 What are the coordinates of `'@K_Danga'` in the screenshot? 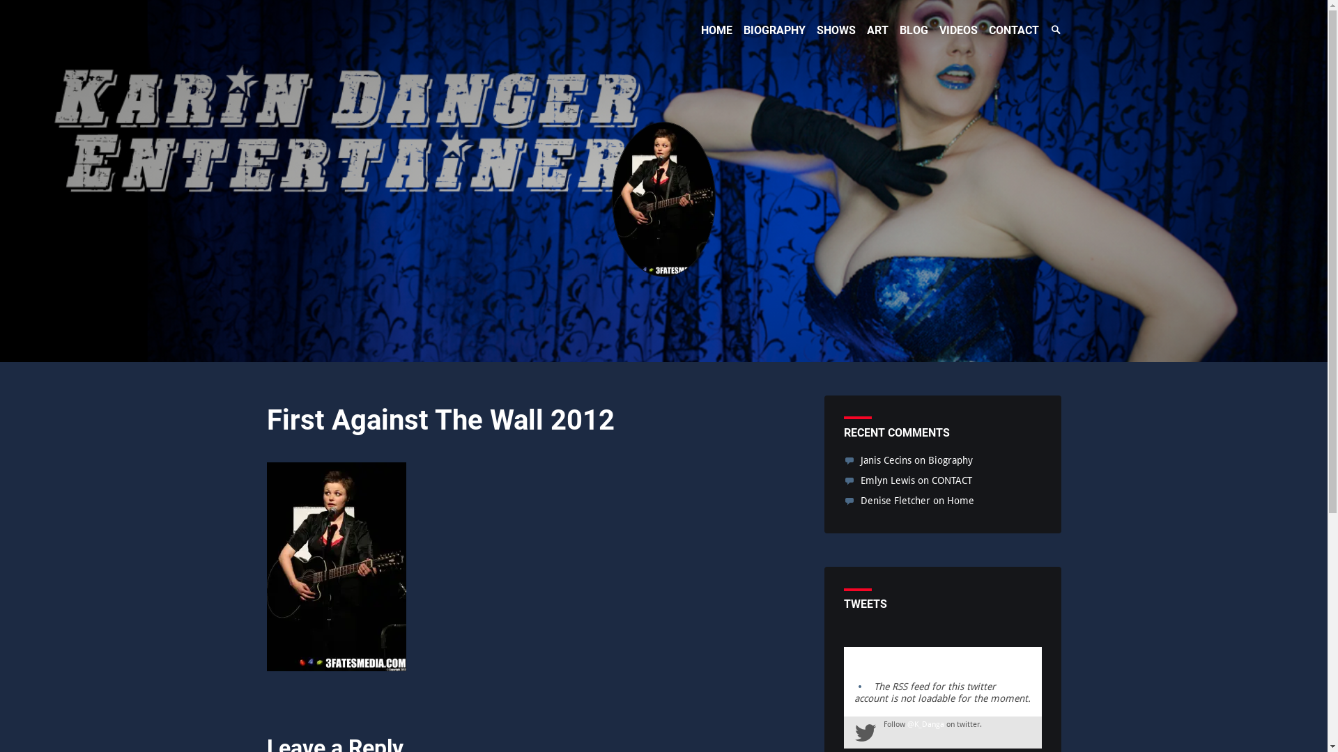 It's located at (925, 723).